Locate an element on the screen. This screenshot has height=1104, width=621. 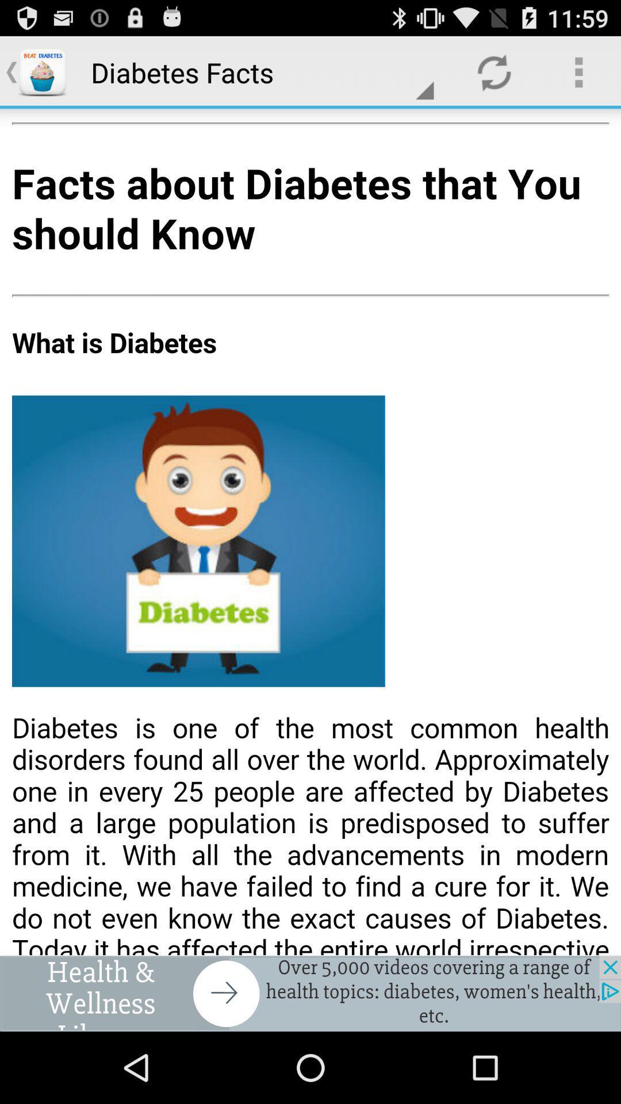
notification is located at coordinates (310, 993).